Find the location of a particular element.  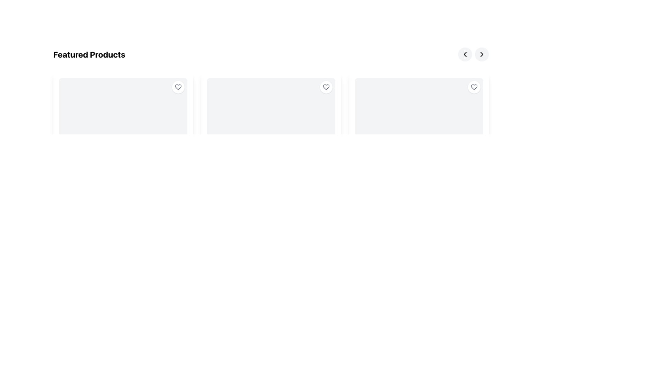

the circular button with a heart icon is located at coordinates (474, 87).